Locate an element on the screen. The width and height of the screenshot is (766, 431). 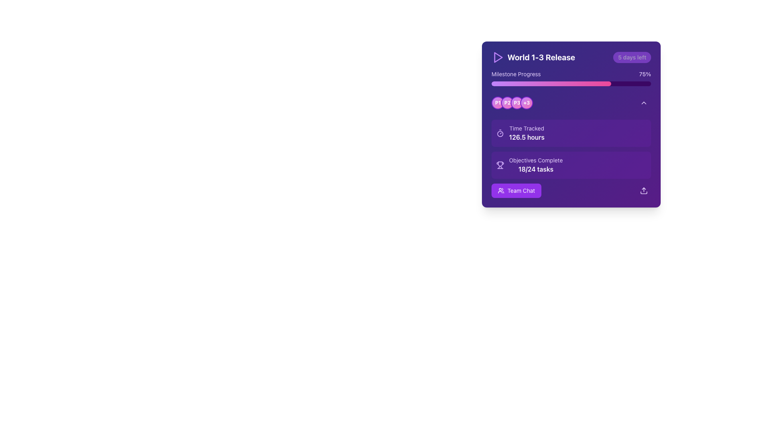
the first circular badge with a gradient background from purple to pink, featuring bold white text 'P1', located in the 'Milestone Progress' section of the 'World 1-3 Release' panel is located at coordinates (498, 103).